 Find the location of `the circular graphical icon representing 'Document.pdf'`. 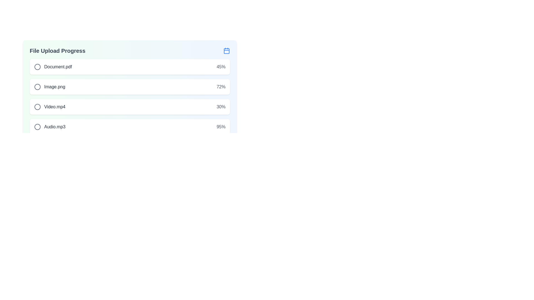

the circular graphical icon representing 'Document.pdf' is located at coordinates (37, 66).